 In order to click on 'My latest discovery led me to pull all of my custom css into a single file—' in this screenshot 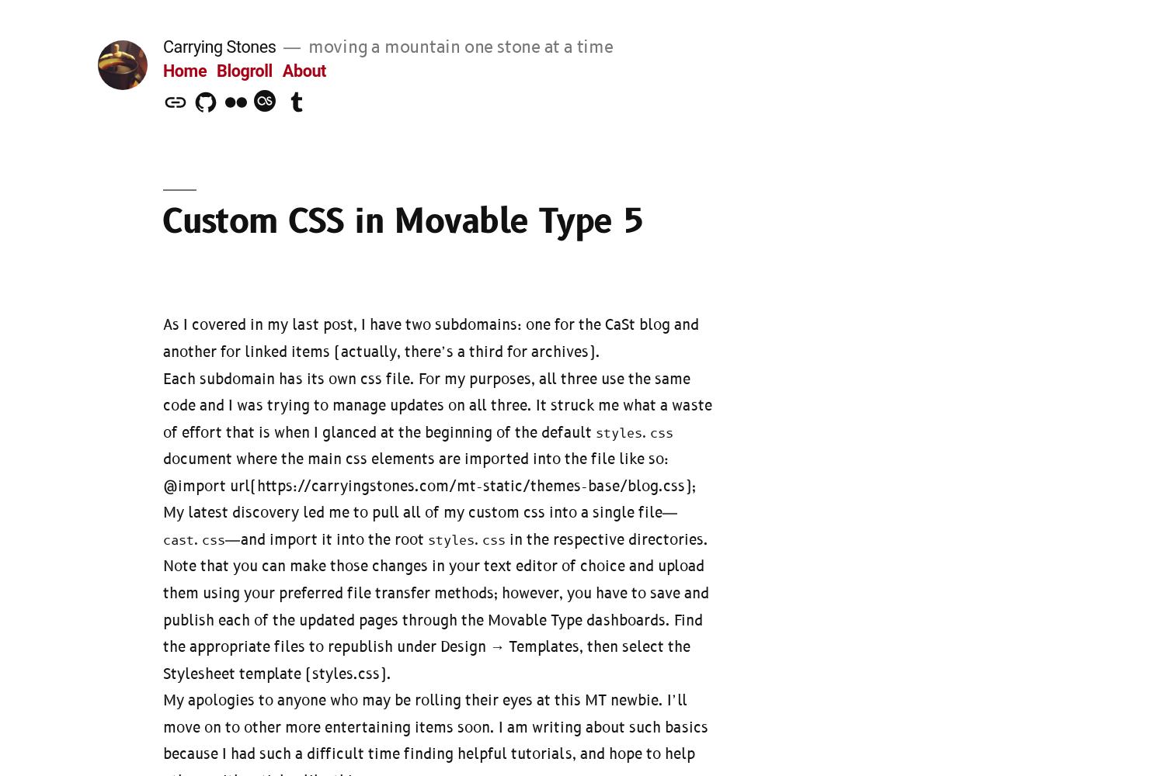, I will do `click(420, 513)`.